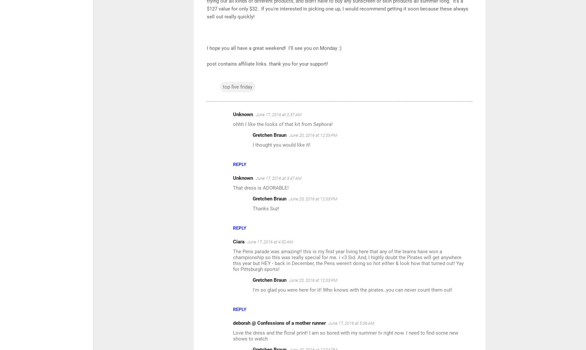 The width and height of the screenshot is (586, 350). What do you see at coordinates (237, 87) in the screenshot?
I see `'top five friday'` at bounding box center [237, 87].